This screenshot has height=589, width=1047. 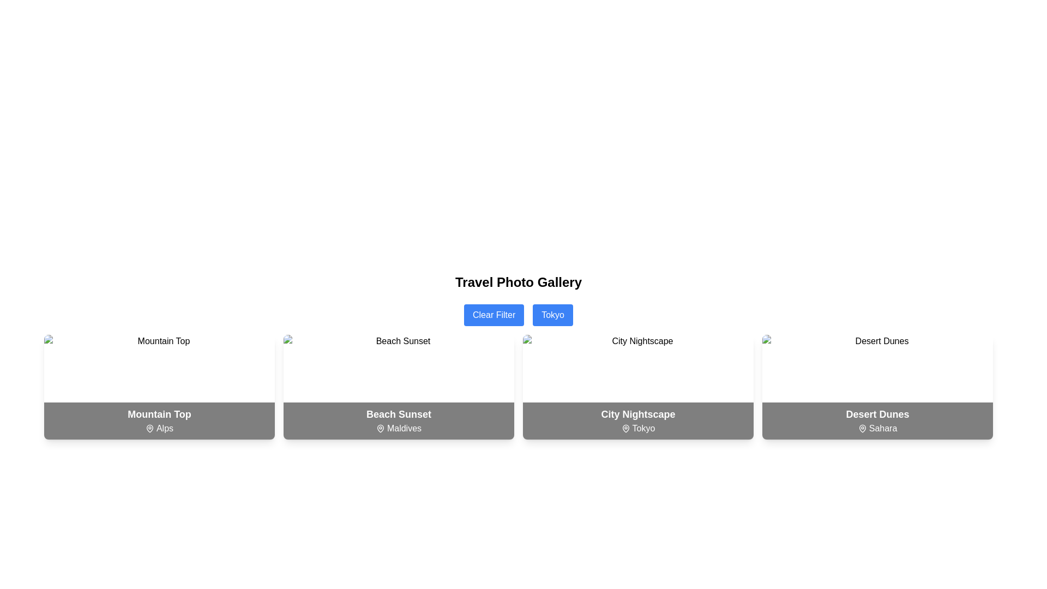 What do you see at coordinates (877, 428) in the screenshot?
I see `the label indicating 'Sahara' located at the bottom-center of the 'Desert Dunes' card's footer section` at bounding box center [877, 428].